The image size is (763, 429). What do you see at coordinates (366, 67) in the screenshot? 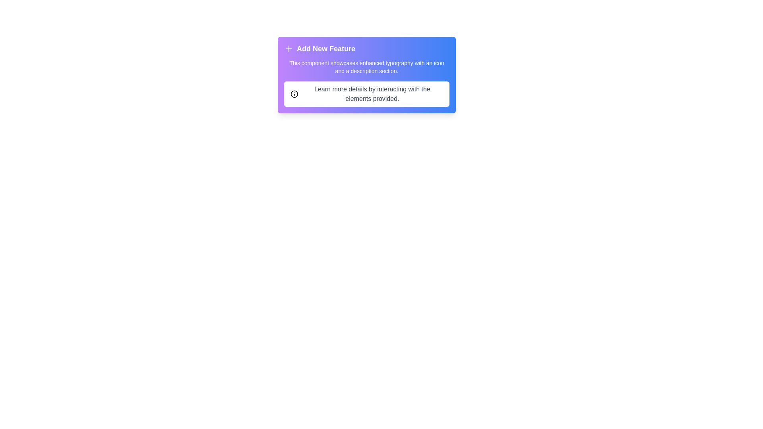
I see `the text block styled with white font that contains the sentence 'This component showcases enhanced typography with an icon and a description section.' located below the heading 'Add New Feature'` at bounding box center [366, 67].